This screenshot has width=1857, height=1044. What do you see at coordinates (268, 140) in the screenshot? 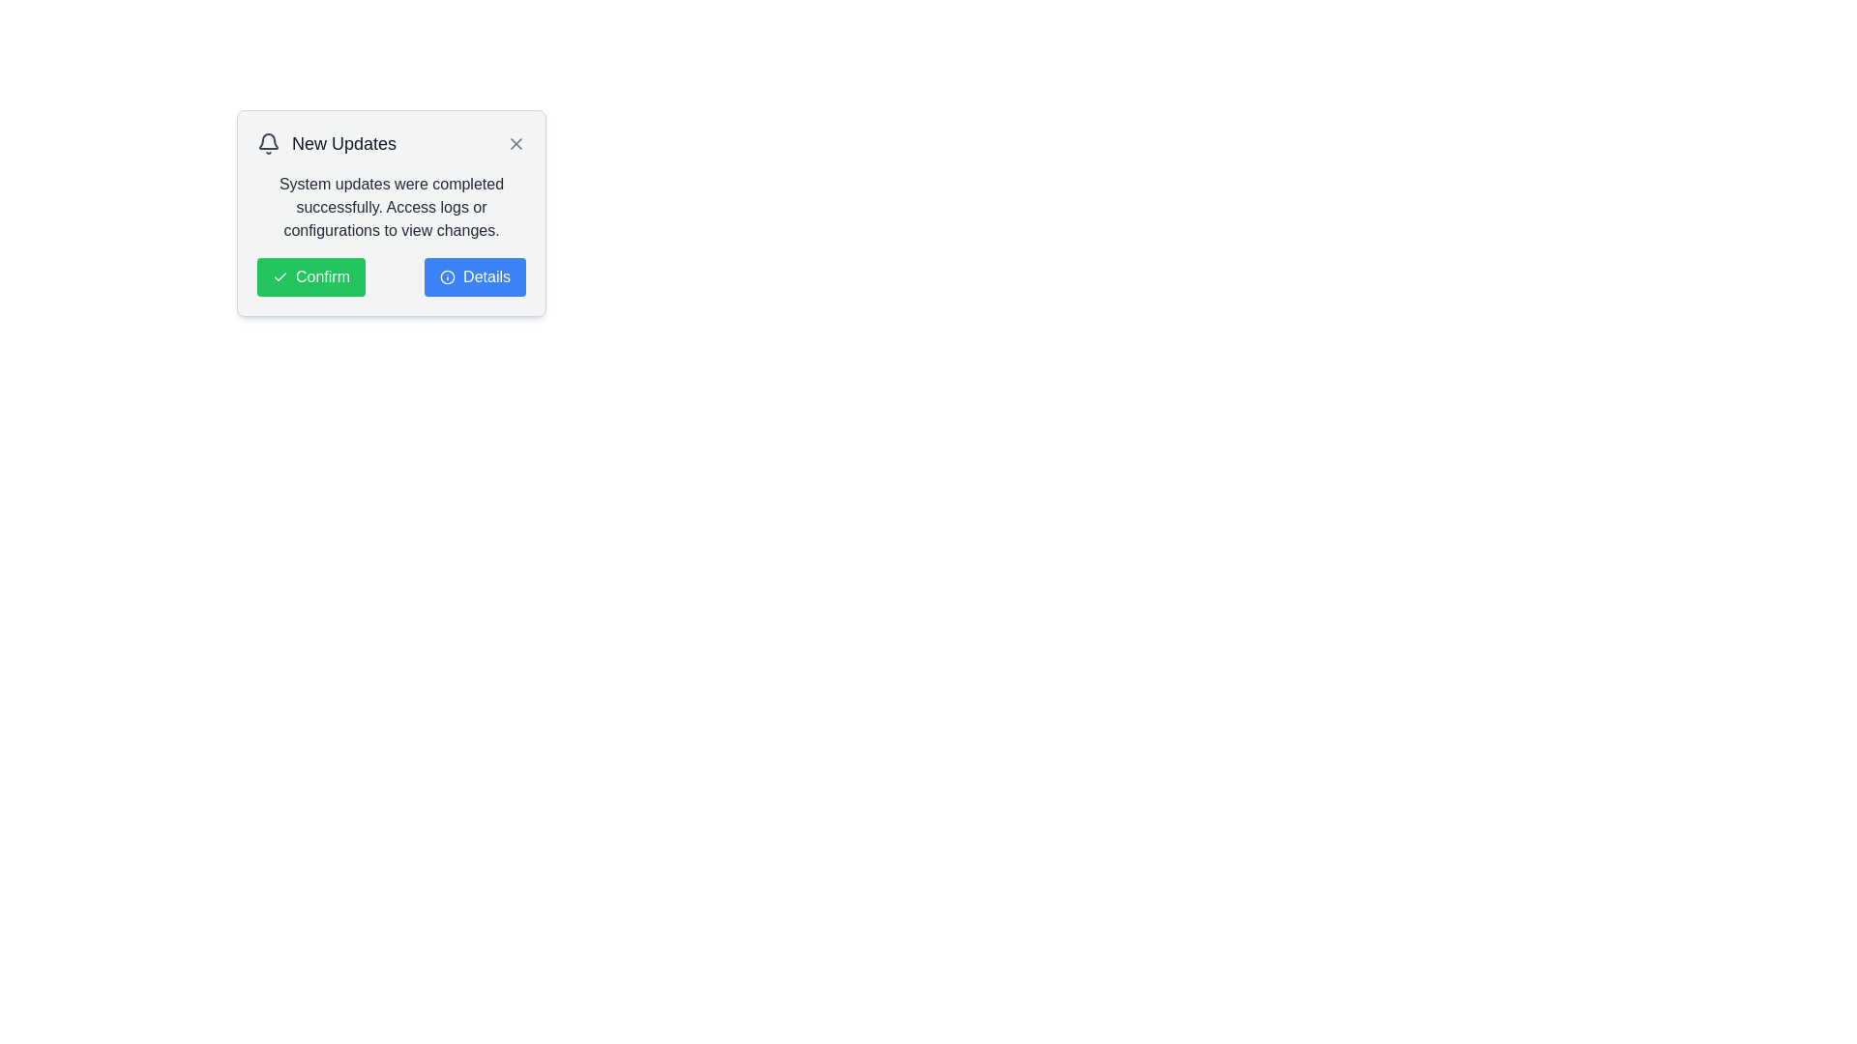
I see `the notification bell icon located in the top-left corner of the 'New Updates' modal` at bounding box center [268, 140].